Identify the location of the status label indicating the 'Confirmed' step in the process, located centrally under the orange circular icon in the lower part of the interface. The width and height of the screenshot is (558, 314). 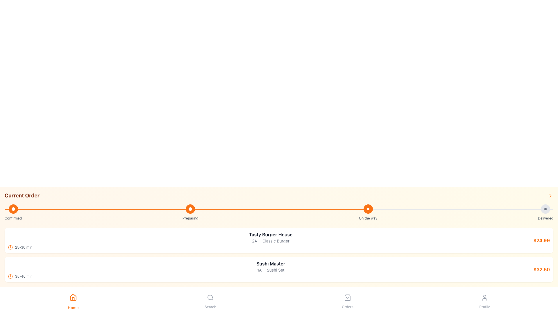
(13, 218).